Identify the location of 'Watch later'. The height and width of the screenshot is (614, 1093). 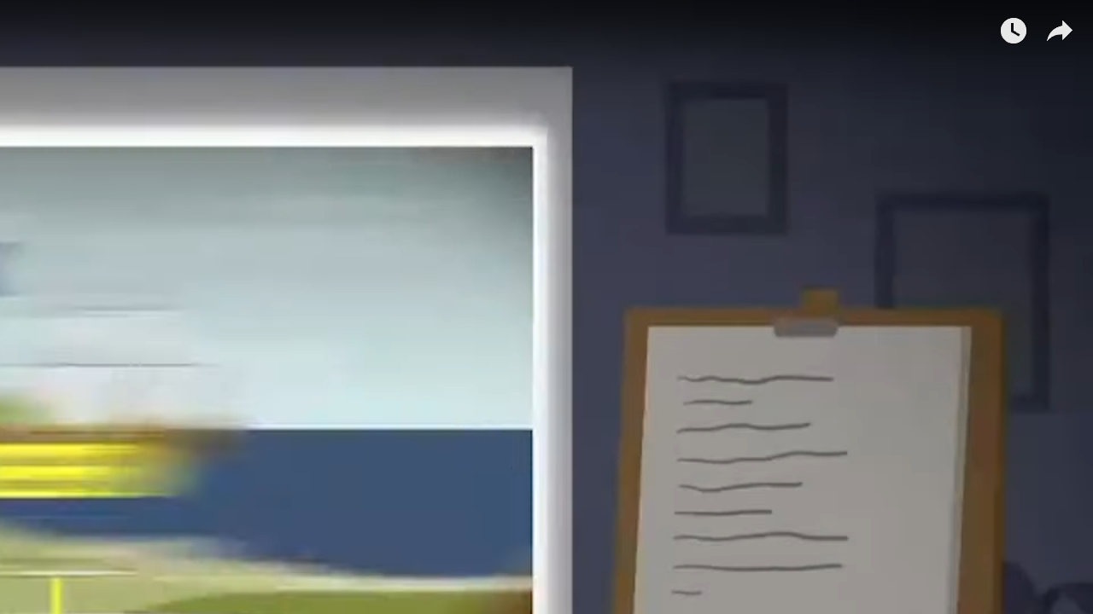
(1013, 26).